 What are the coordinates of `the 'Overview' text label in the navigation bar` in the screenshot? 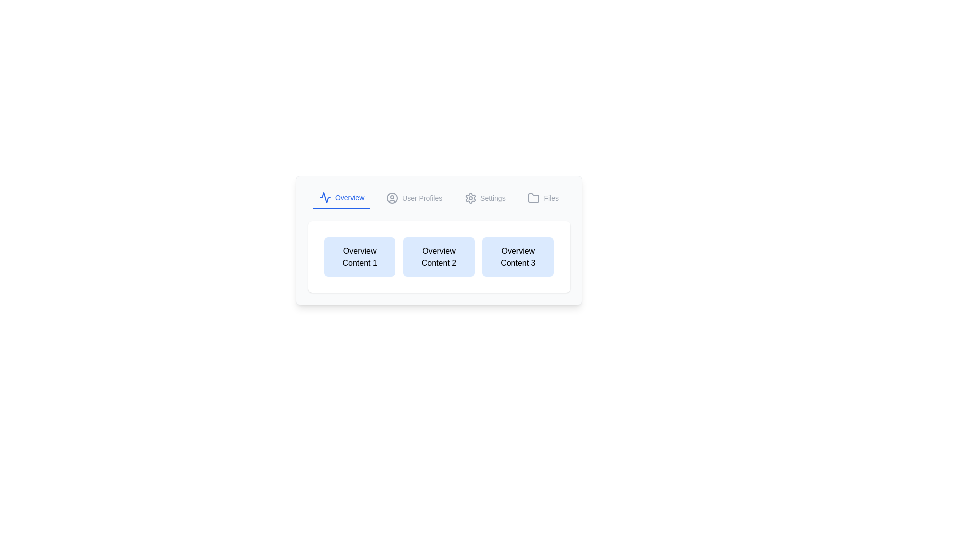 It's located at (349, 197).